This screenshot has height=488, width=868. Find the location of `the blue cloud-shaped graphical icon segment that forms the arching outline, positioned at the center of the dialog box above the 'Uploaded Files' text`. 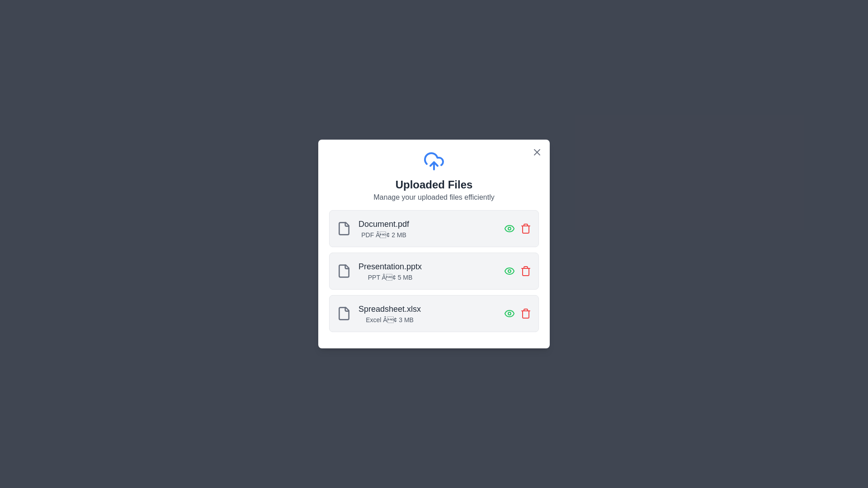

the blue cloud-shaped graphical icon segment that forms the arching outline, positioned at the center of the dialog box above the 'Uploaded Files' text is located at coordinates (434, 159).